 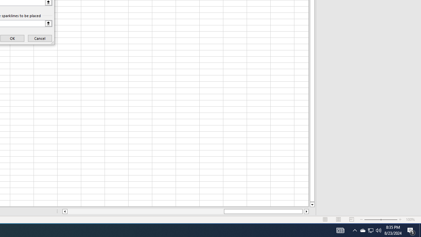 I want to click on 'Normal', so click(x=325, y=220).